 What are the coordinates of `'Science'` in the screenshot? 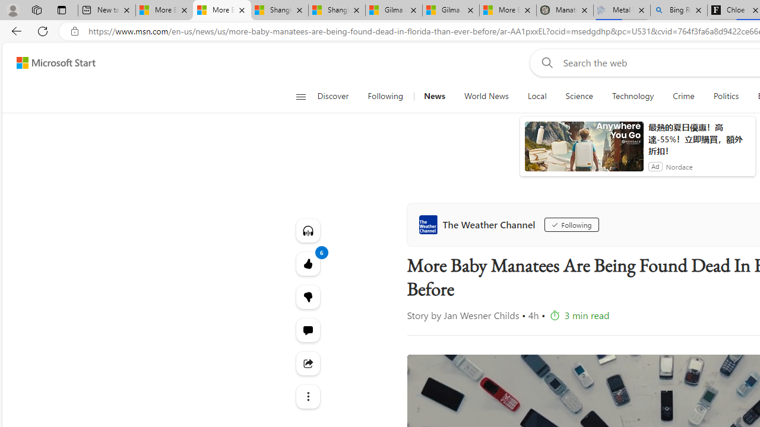 It's located at (579, 96).